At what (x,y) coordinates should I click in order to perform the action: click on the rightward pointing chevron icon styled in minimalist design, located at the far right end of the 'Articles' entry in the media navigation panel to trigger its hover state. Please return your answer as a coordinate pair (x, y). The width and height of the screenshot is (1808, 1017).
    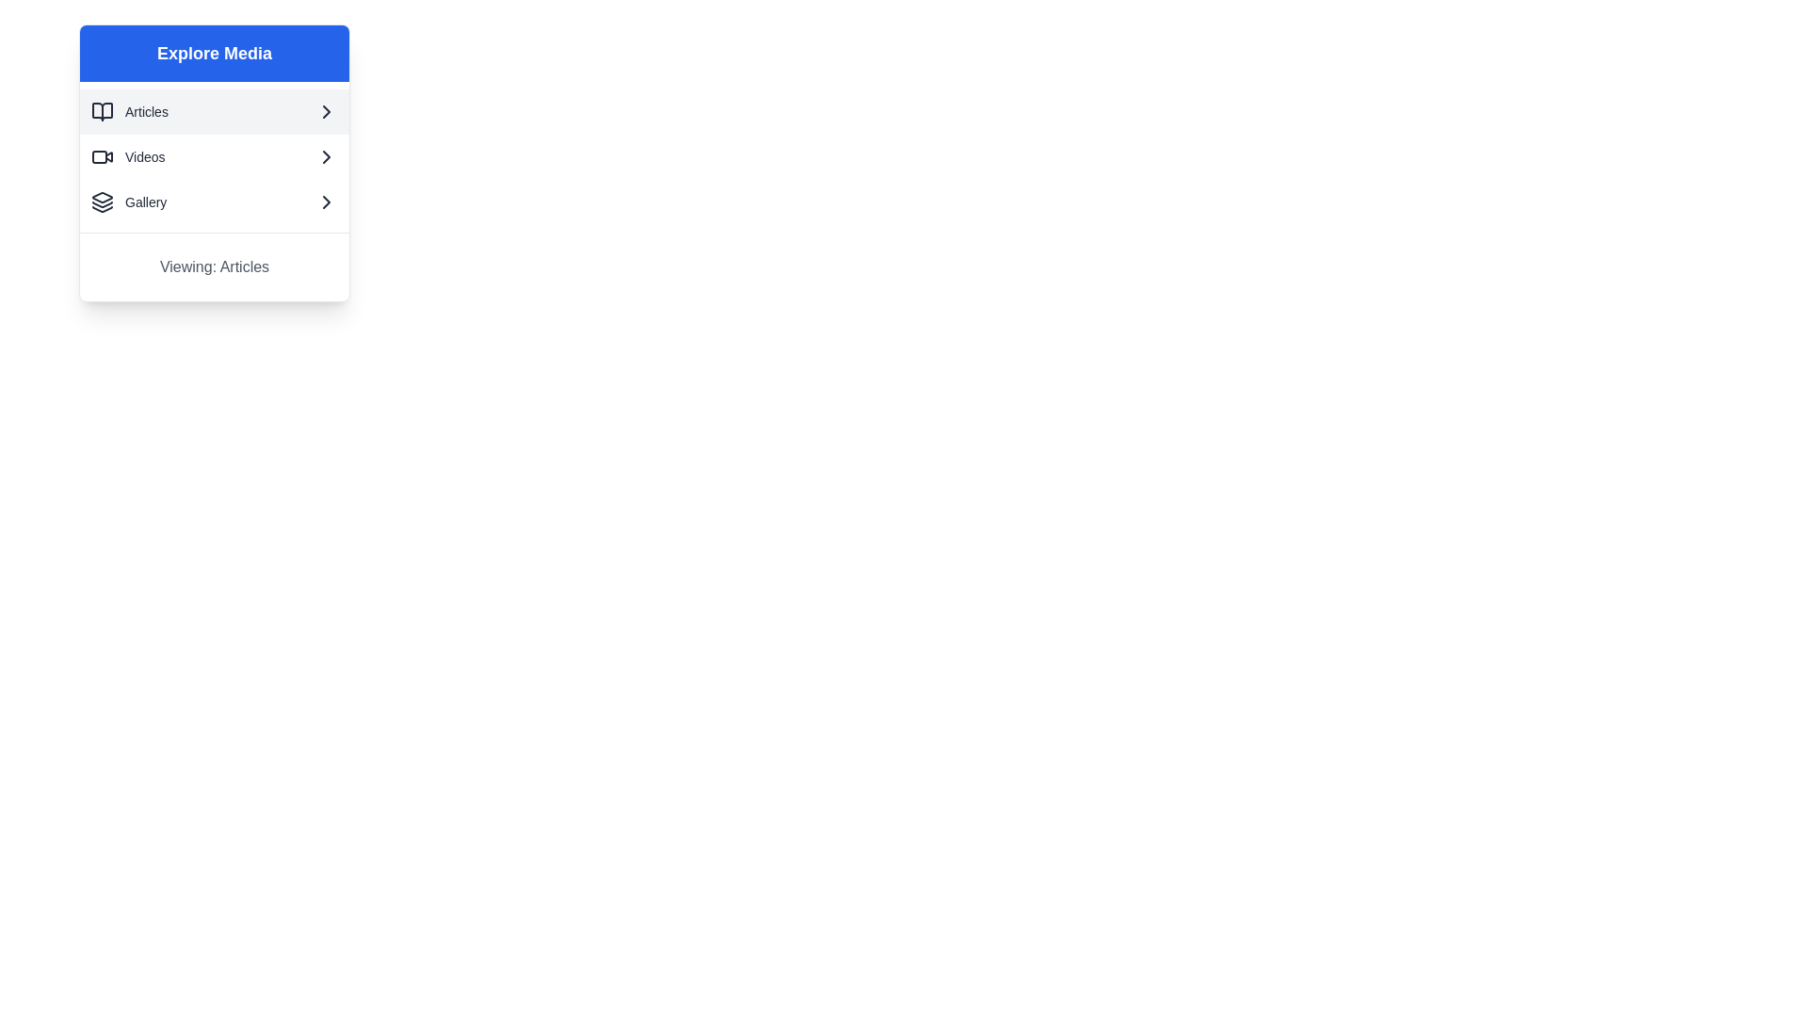
    Looking at the image, I should click on (326, 112).